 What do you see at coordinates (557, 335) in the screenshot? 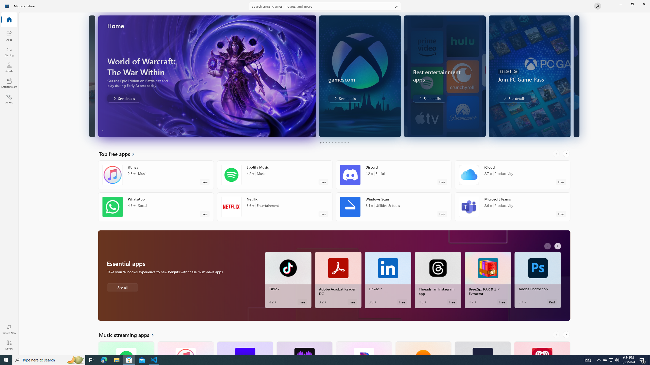
I see `'AutomationID: LeftScrollButton'` at bounding box center [557, 335].